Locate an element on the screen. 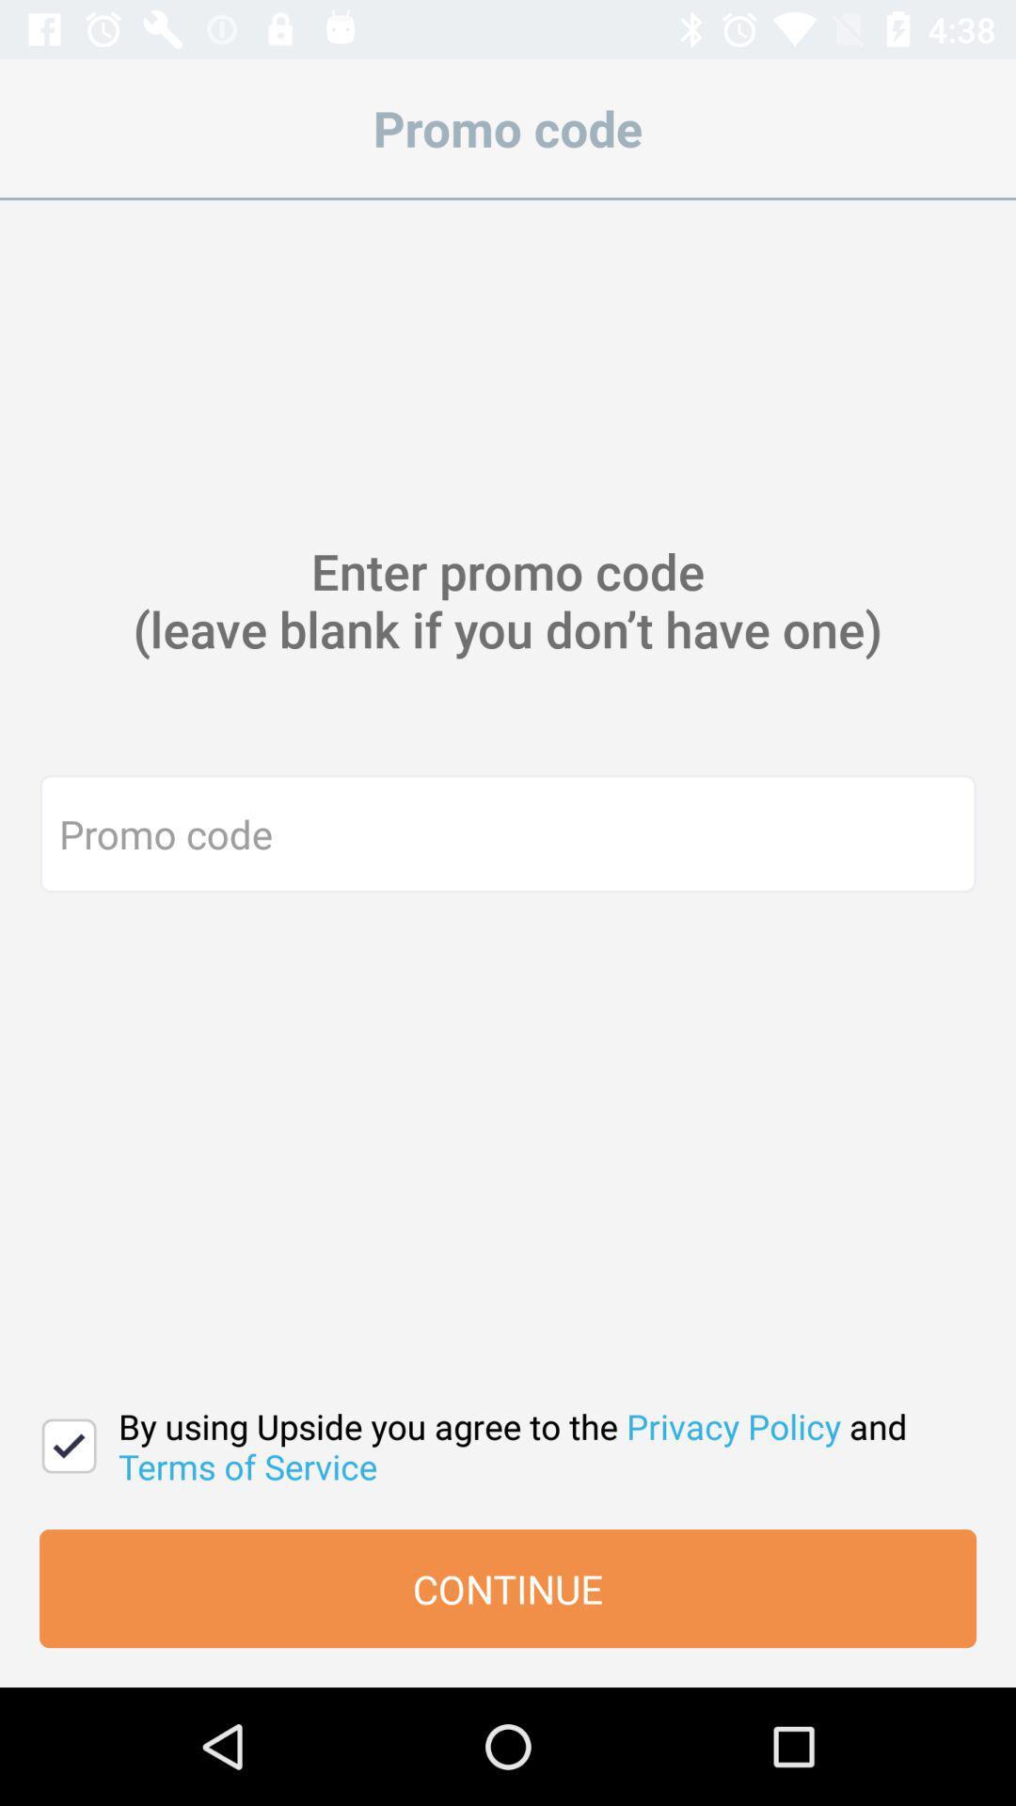  unselect the box is located at coordinates (68, 1445).